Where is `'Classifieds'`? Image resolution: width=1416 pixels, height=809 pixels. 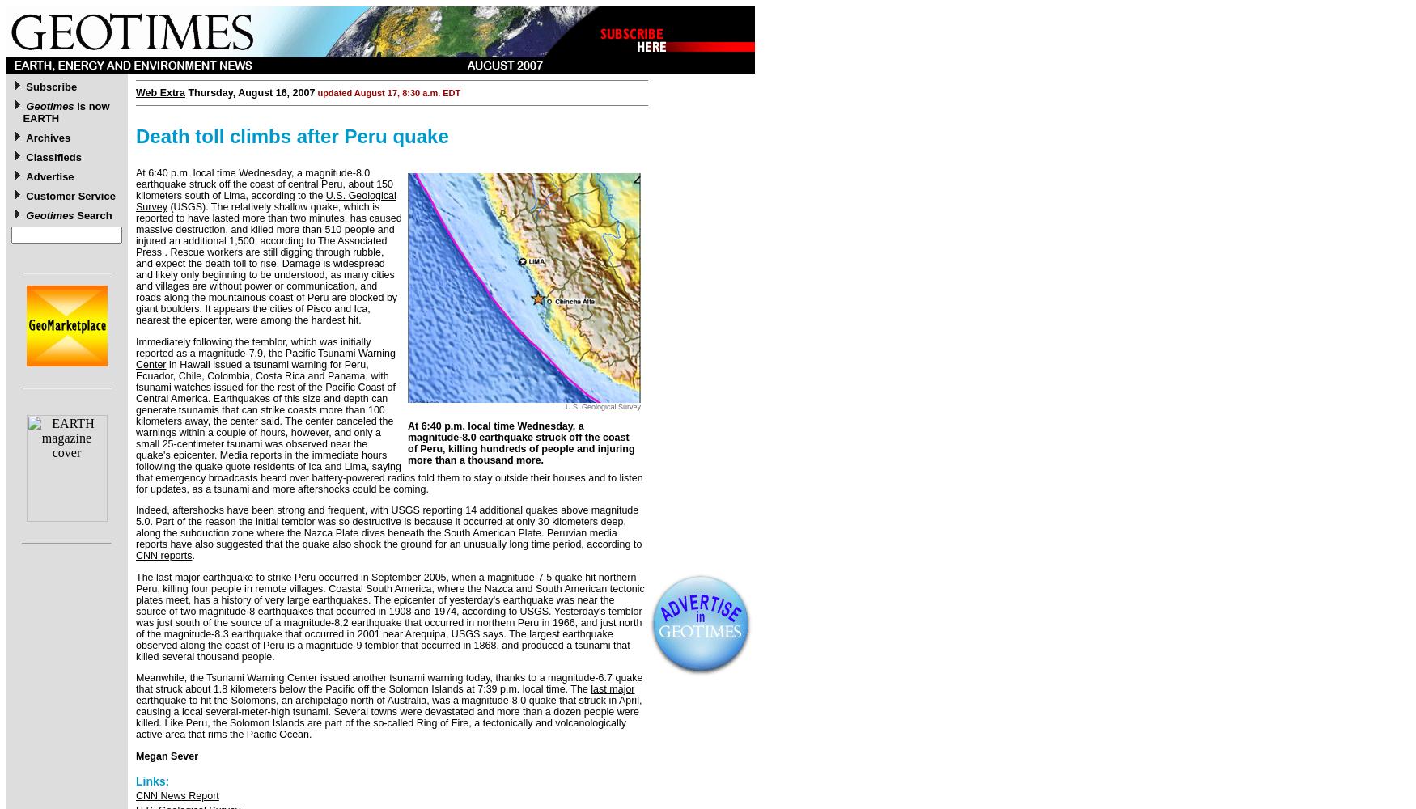 'Classifieds' is located at coordinates (53, 156).